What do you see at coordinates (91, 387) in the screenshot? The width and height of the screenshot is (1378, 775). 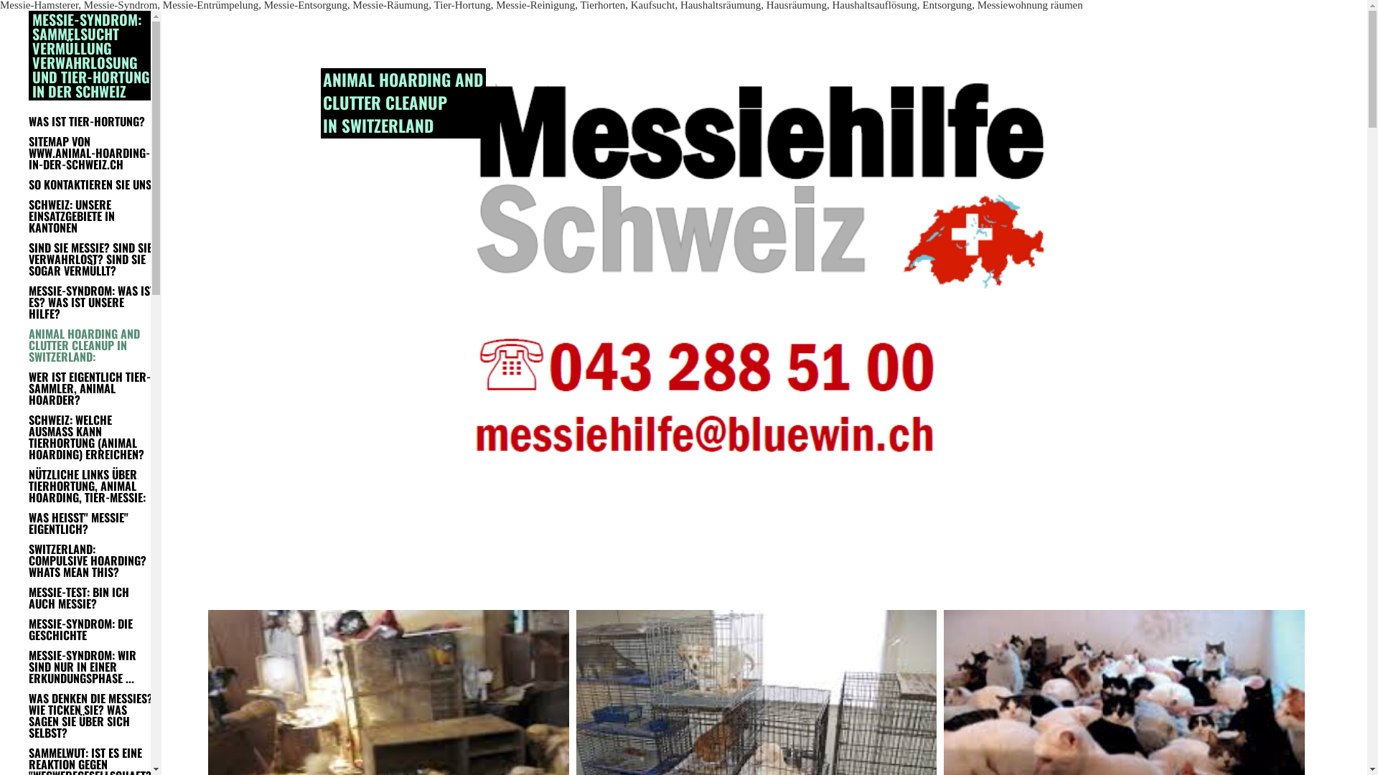 I see `'WER IST EIGENTLICH TIER-SAMMLER, ANIMAL HOARDER?'` at bounding box center [91, 387].